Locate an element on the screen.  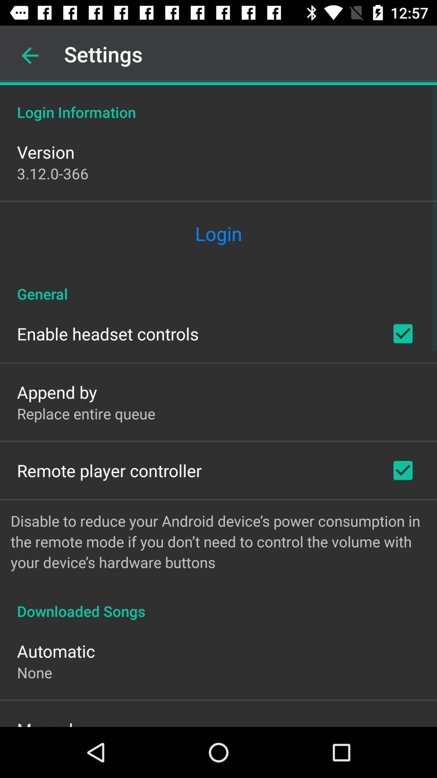
icon at the center is located at coordinates (218, 285).